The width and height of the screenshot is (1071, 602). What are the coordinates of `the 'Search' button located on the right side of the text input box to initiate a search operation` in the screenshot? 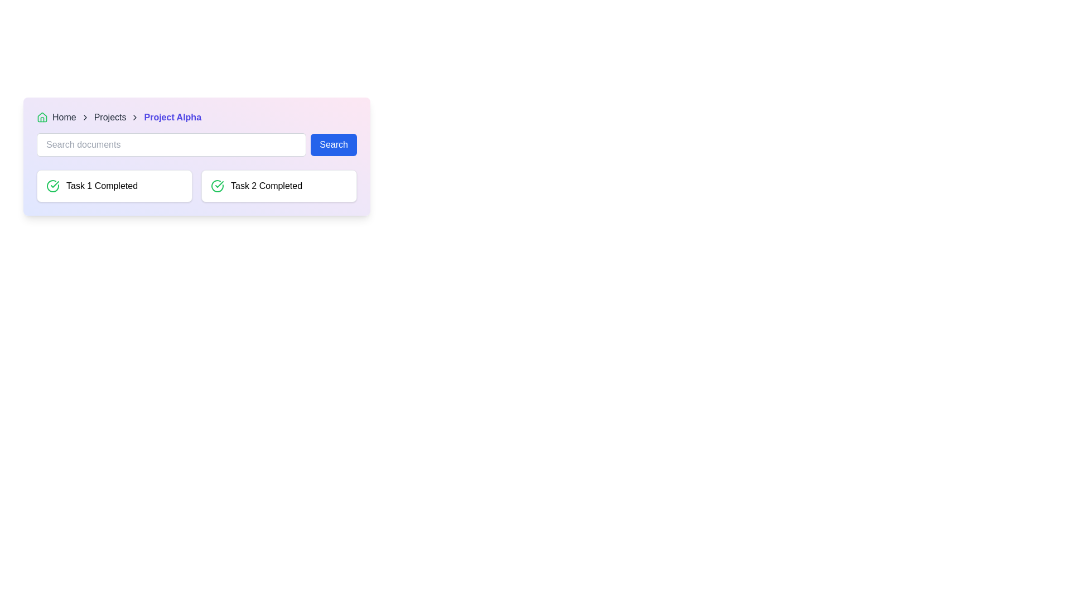 It's located at (333, 144).